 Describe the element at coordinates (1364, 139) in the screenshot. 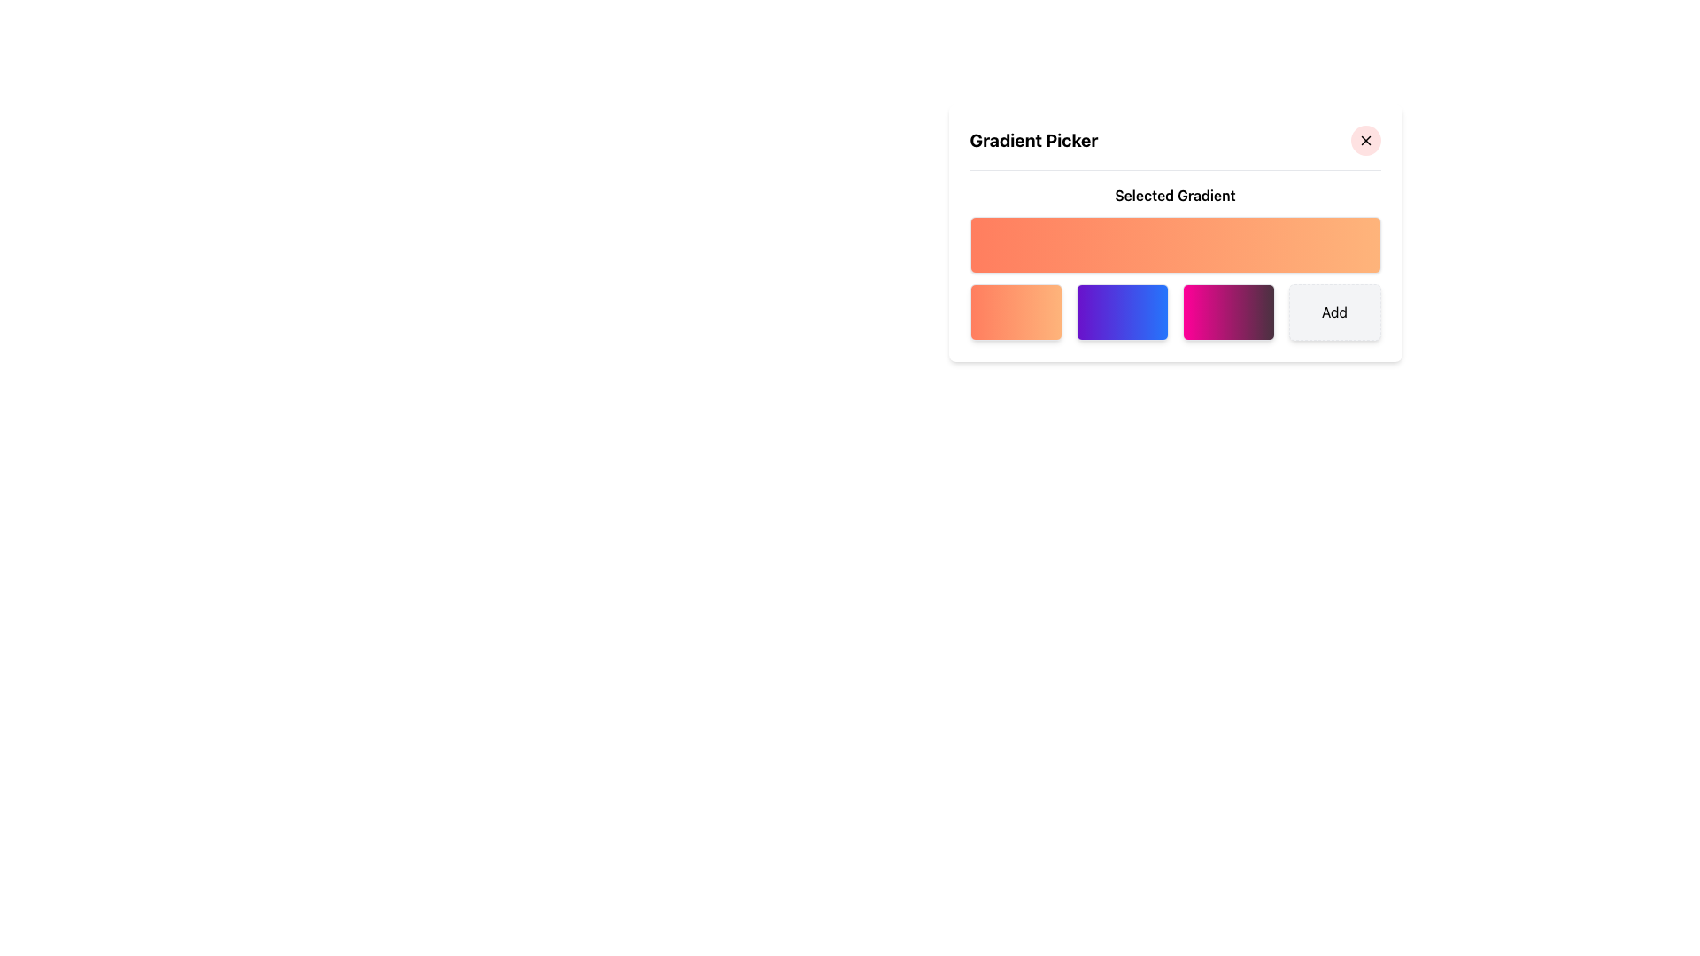

I see `the close button located at the top-right corner of the 'Gradient Picker' panel` at that location.